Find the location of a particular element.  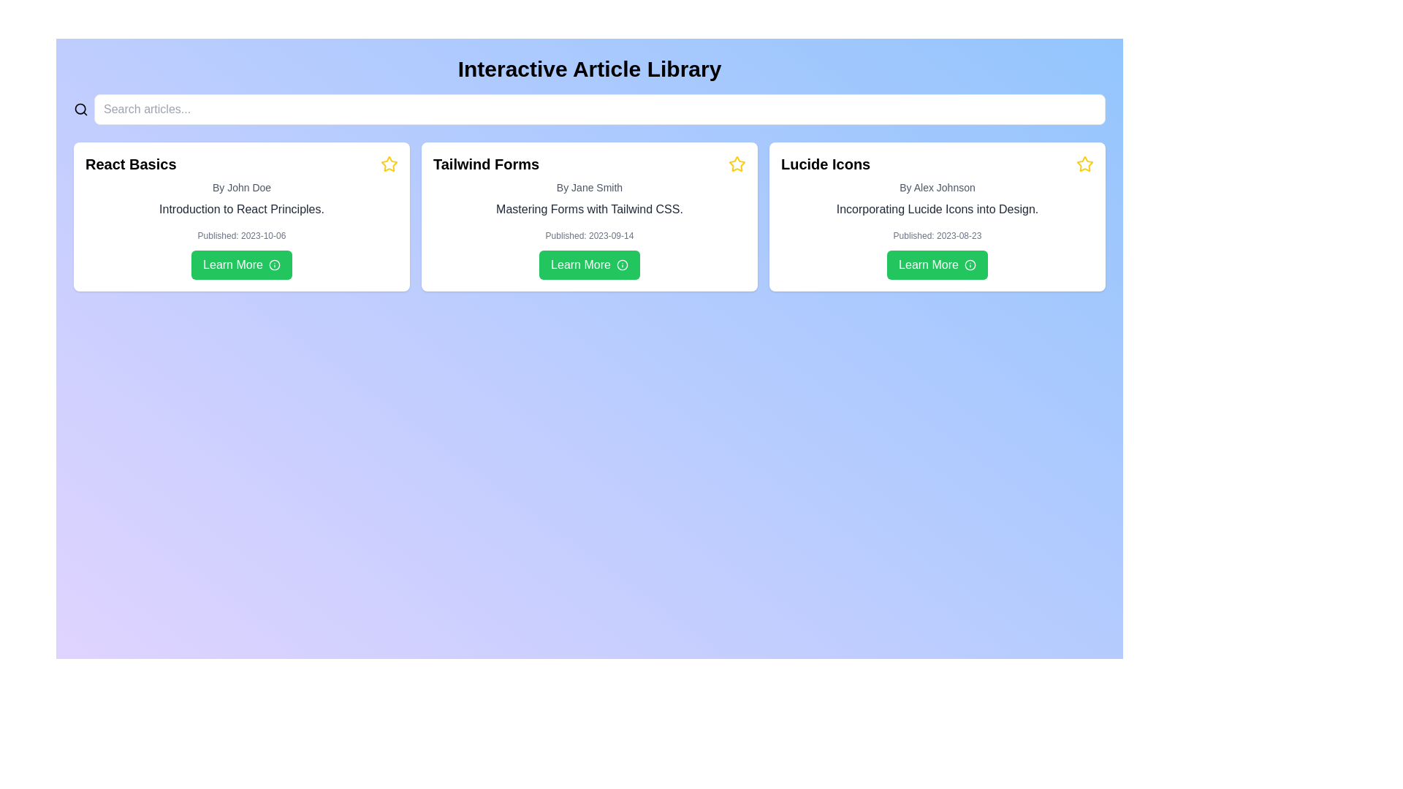

the 'i' icon within the green 'Learn More' button located at the right end of the button in the 'Lucide Icons' section of the third article card is located at coordinates (970, 264).